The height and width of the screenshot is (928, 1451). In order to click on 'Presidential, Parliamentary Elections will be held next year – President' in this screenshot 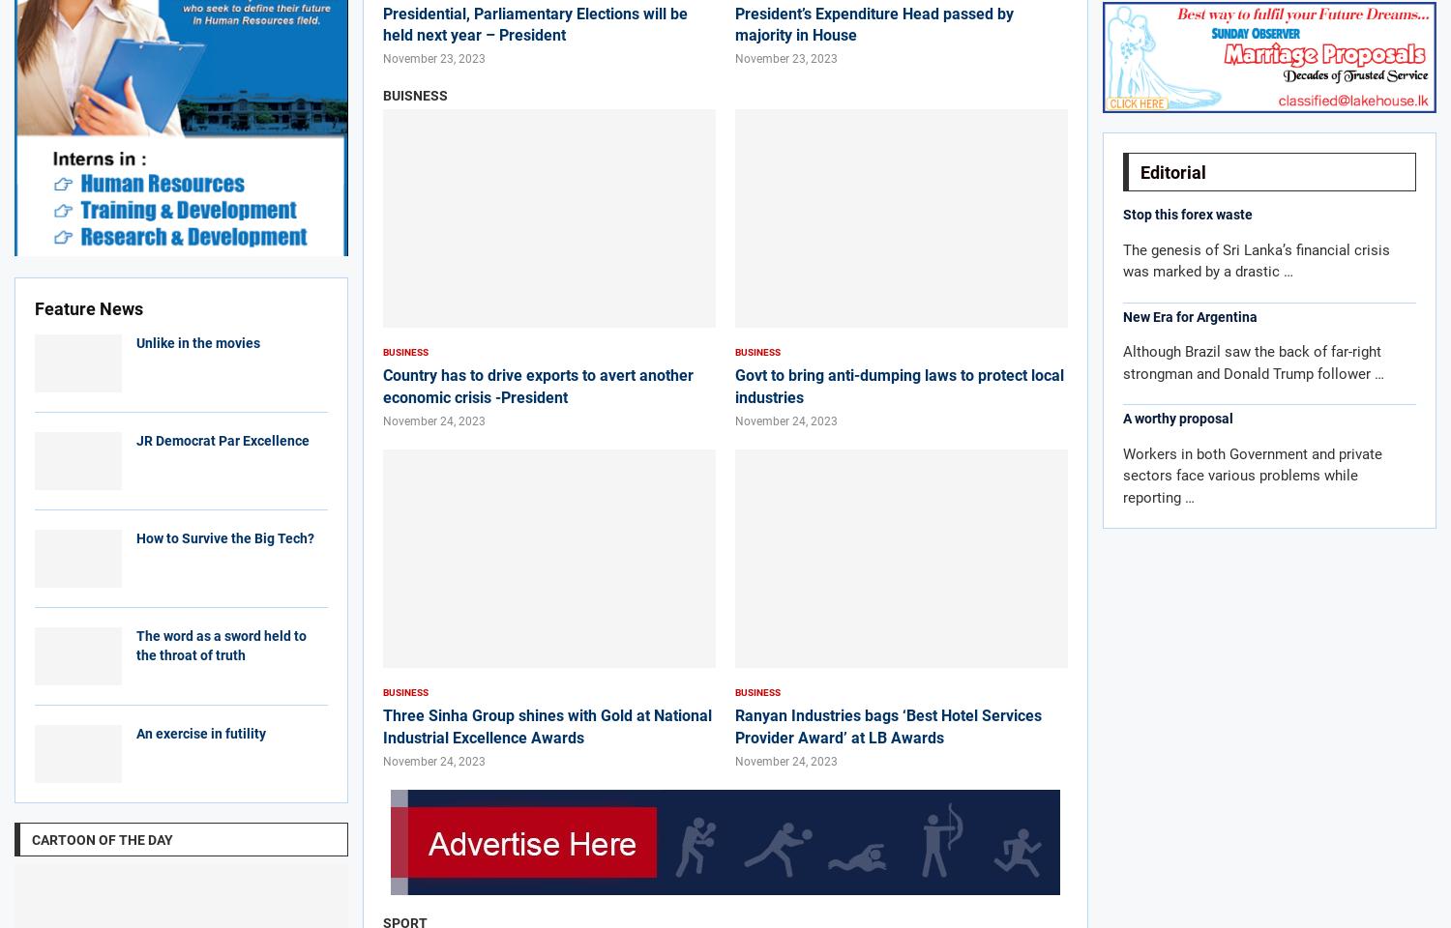, I will do `click(535, 22)`.